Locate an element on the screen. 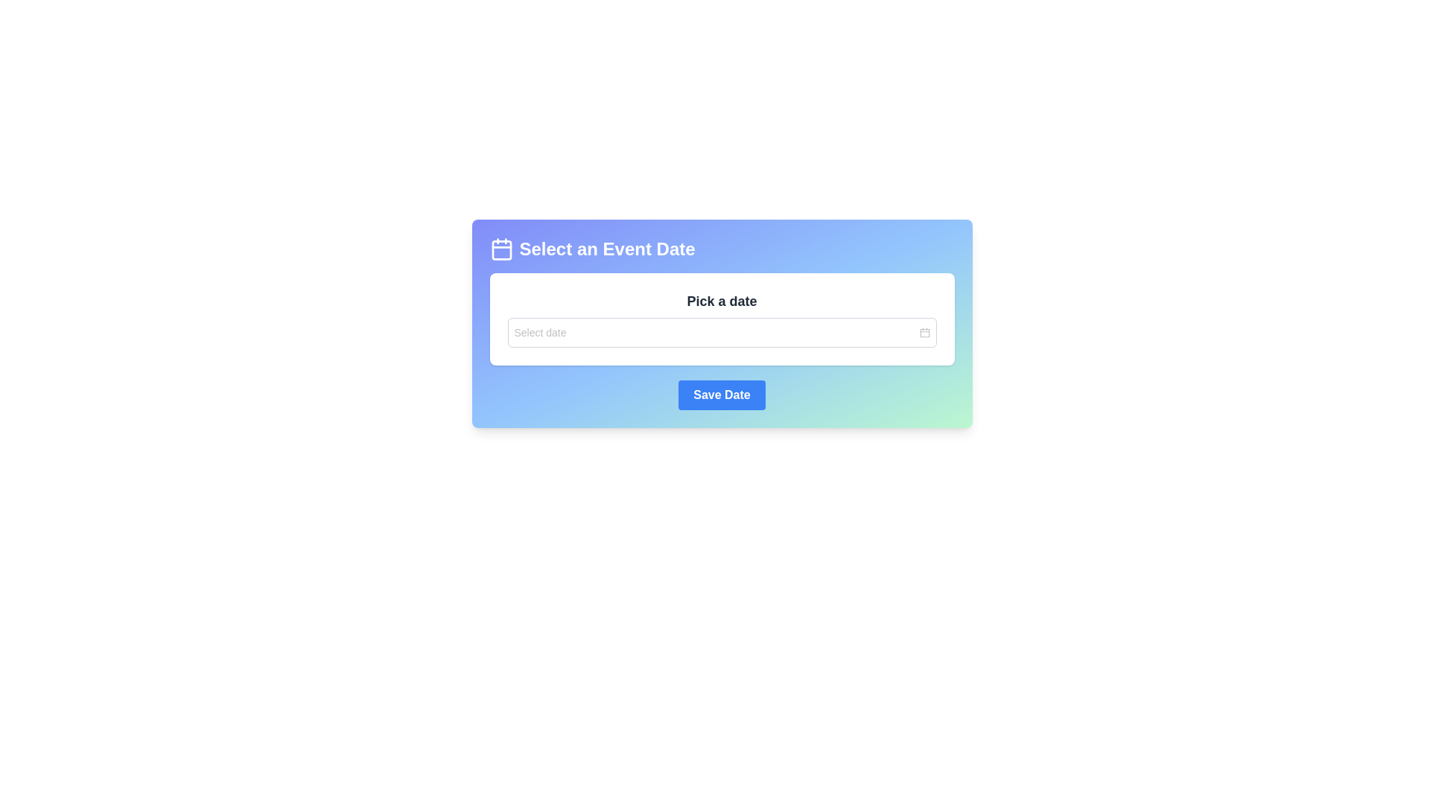  the calendar icon located at the rightmost position within the suffix section of the date picker input field is located at coordinates (924, 332).